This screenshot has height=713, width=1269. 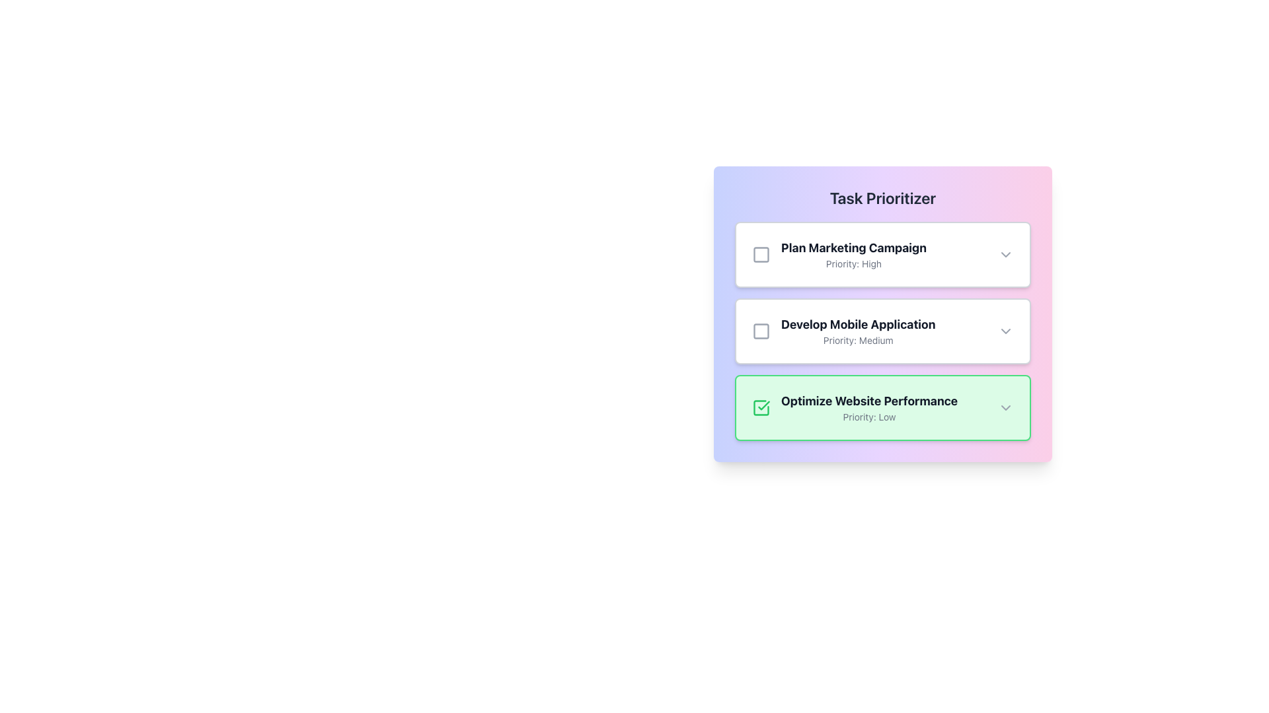 What do you see at coordinates (761, 330) in the screenshot?
I see `the checkbox located to the left of the text 'Develop Mobile Application' in the 'Task Prioritizer' section` at bounding box center [761, 330].